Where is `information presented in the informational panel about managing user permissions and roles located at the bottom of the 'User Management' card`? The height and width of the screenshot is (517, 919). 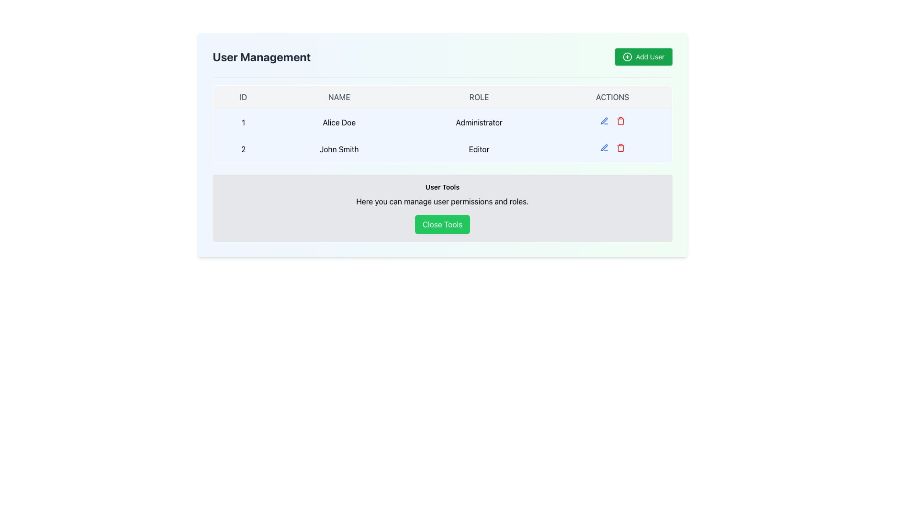
information presented in the informational panel about managing user permissions and roles located at the bottom of the 'User Management' card is located at coordinates (442, 208).